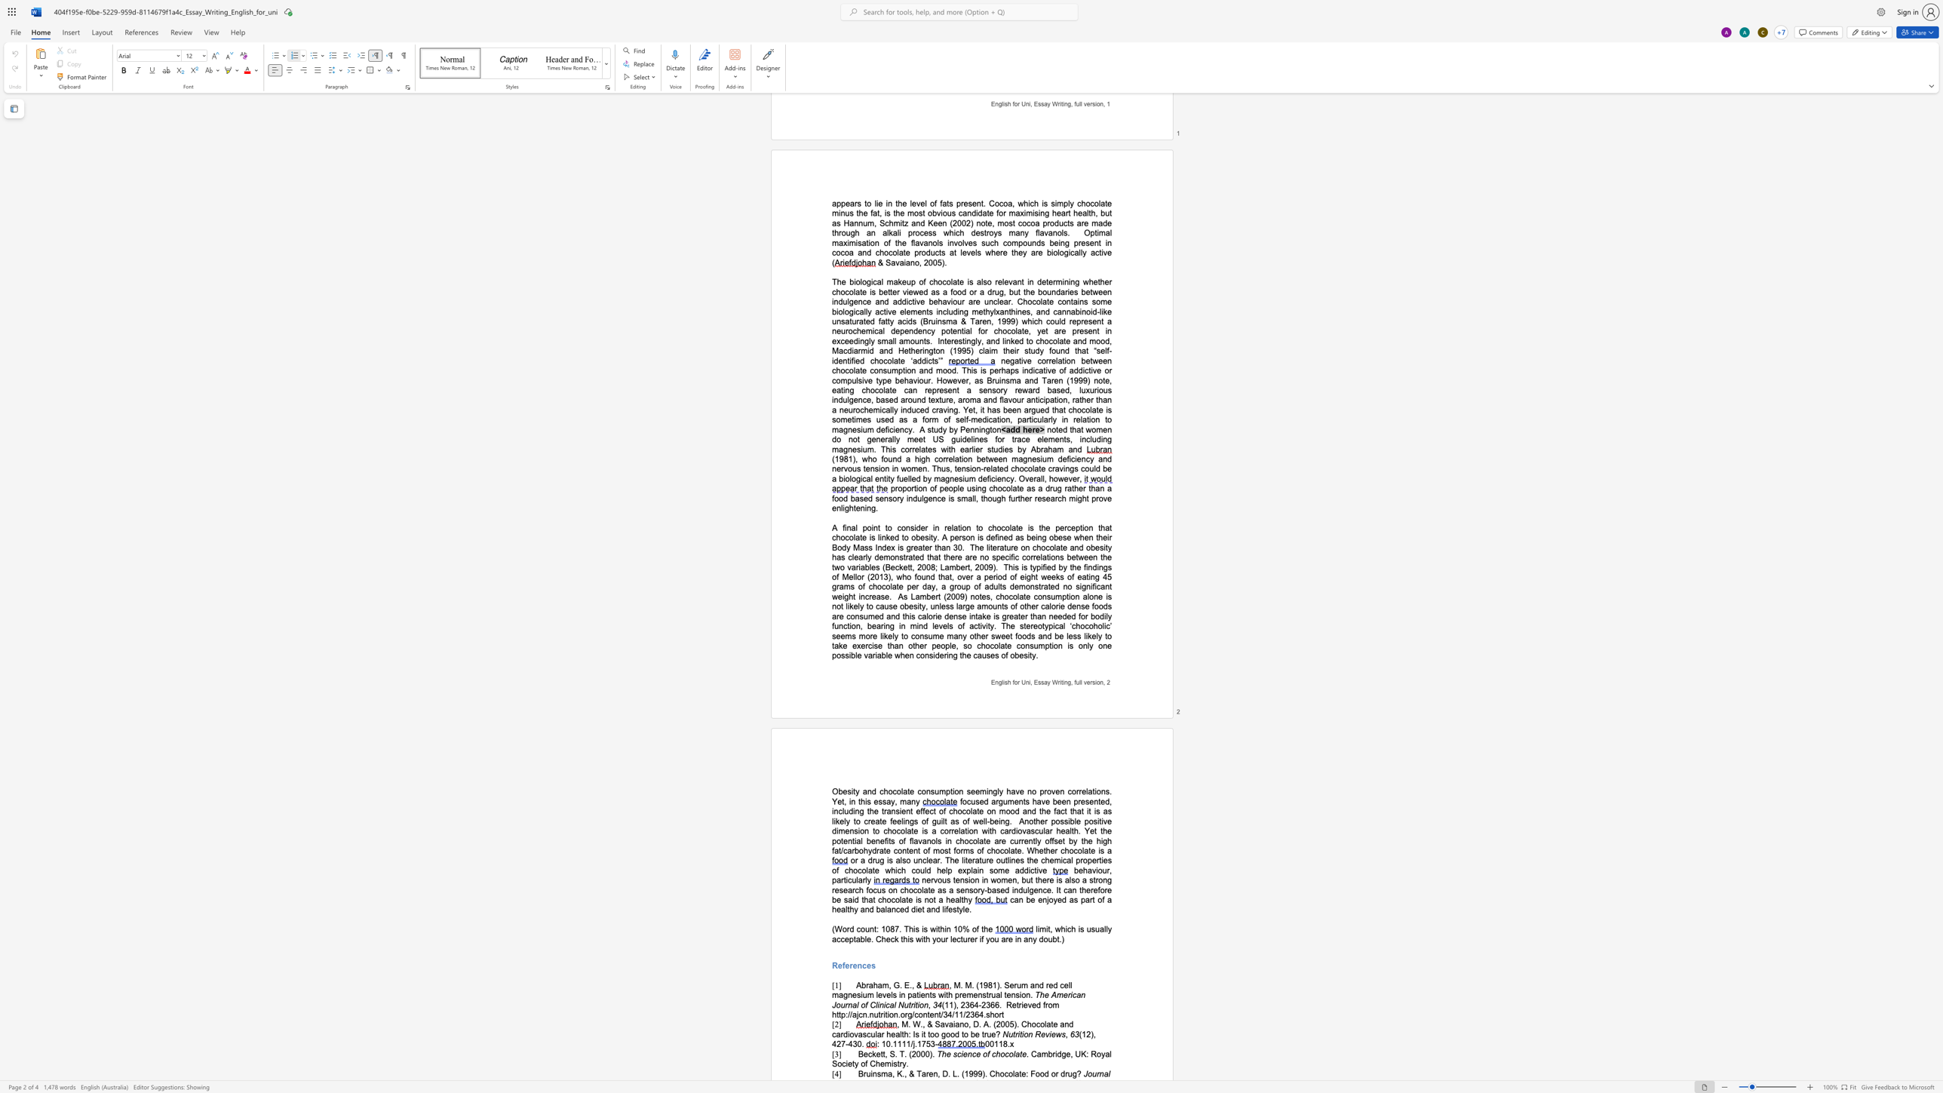 The height and width of the screenshot is (1093, 1943). I want to click on the space between the continuous character "a" and "v" in the text, so click(944, 1024).